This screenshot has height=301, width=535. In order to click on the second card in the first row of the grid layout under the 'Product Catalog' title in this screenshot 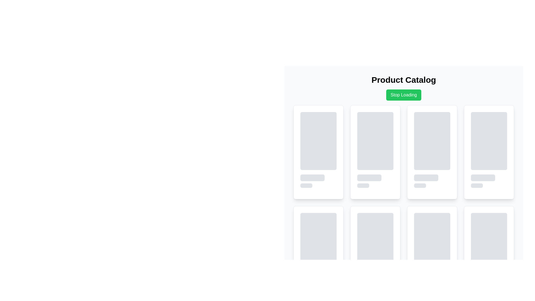, I will do `click(375, 152)`.